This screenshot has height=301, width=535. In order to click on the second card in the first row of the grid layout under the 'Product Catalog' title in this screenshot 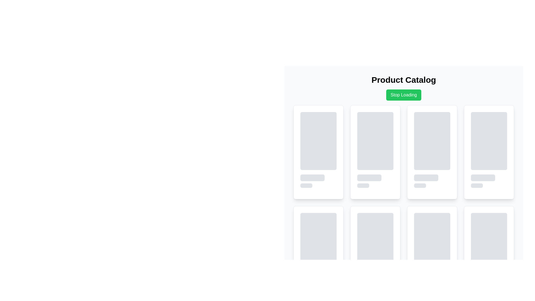, I will do `click(375, 152)`.